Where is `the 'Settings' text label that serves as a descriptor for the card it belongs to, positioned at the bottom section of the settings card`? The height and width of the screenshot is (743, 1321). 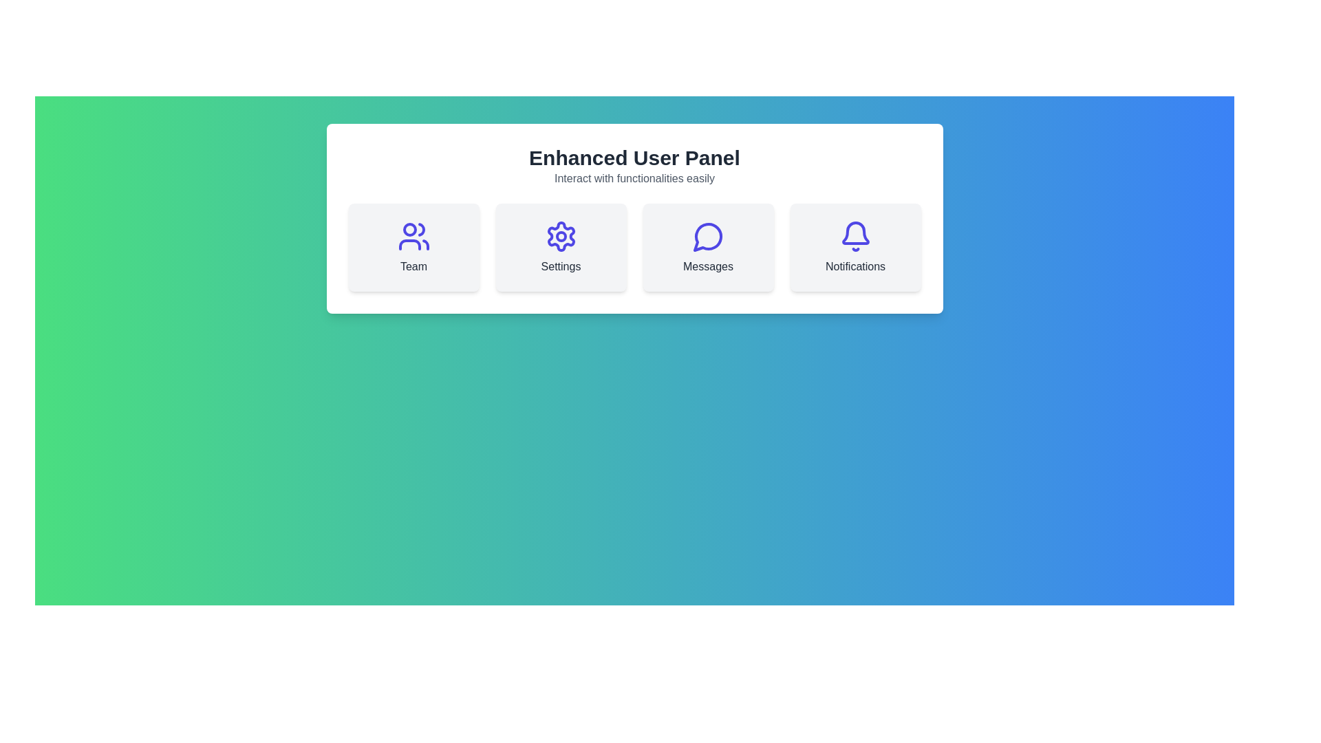 the 'Settings' text label that serves as a descriptor for the card it belongs to, positioned at the bottom section of the settings card is located at coordinates (561, 267).